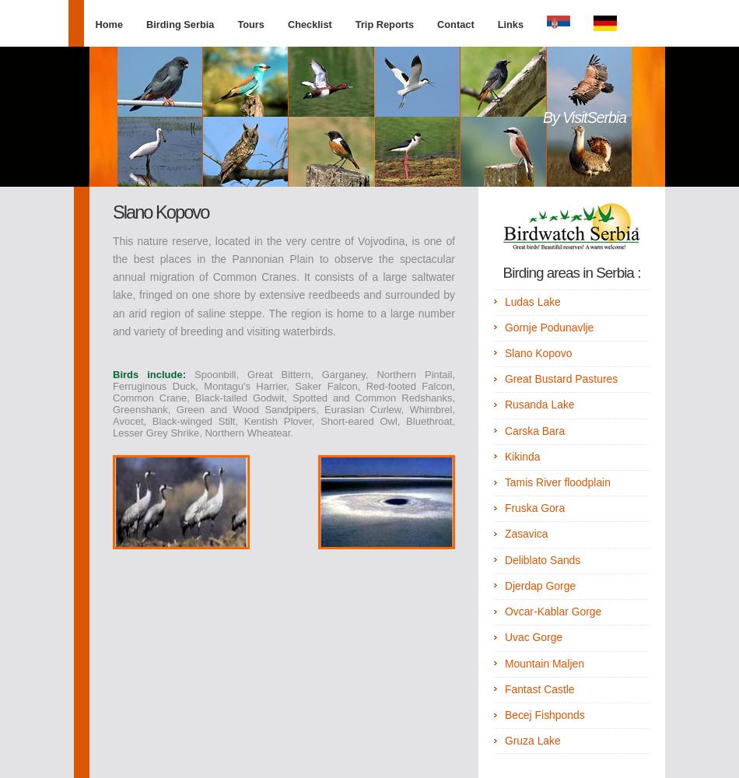 This screenshot has height=778, width=739. Describe the element at coordinates (532, 740) in the screenshot. I see `'Gruza Lake'` at that location.